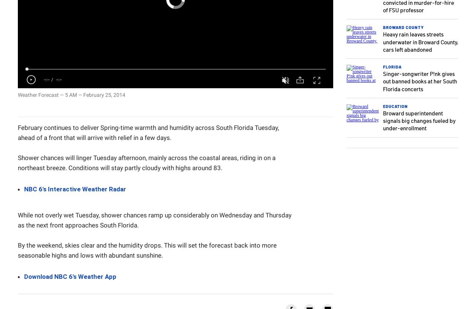  What do you see at coordinates (403, 27) in the screenshot?
I see `'Broward County'` at bounding box center [403, 27].